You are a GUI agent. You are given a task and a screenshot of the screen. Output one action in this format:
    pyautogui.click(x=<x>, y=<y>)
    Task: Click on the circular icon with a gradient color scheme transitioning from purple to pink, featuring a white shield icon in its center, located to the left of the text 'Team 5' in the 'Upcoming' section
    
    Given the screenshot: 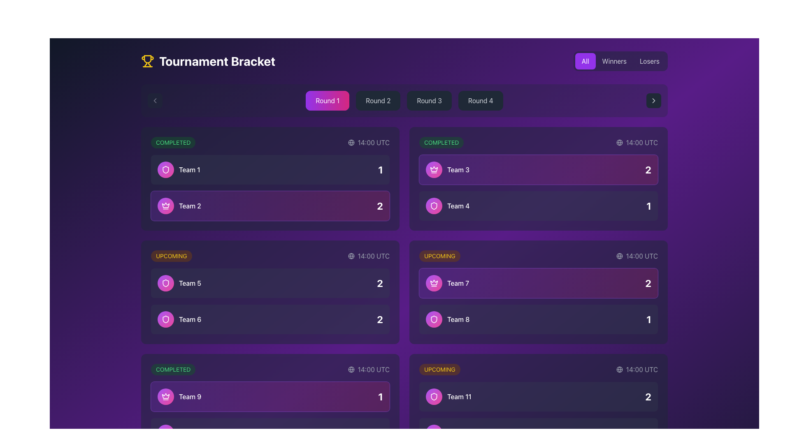 What is the action you would take?
    pyautogui.click(x=165, y=283)
    